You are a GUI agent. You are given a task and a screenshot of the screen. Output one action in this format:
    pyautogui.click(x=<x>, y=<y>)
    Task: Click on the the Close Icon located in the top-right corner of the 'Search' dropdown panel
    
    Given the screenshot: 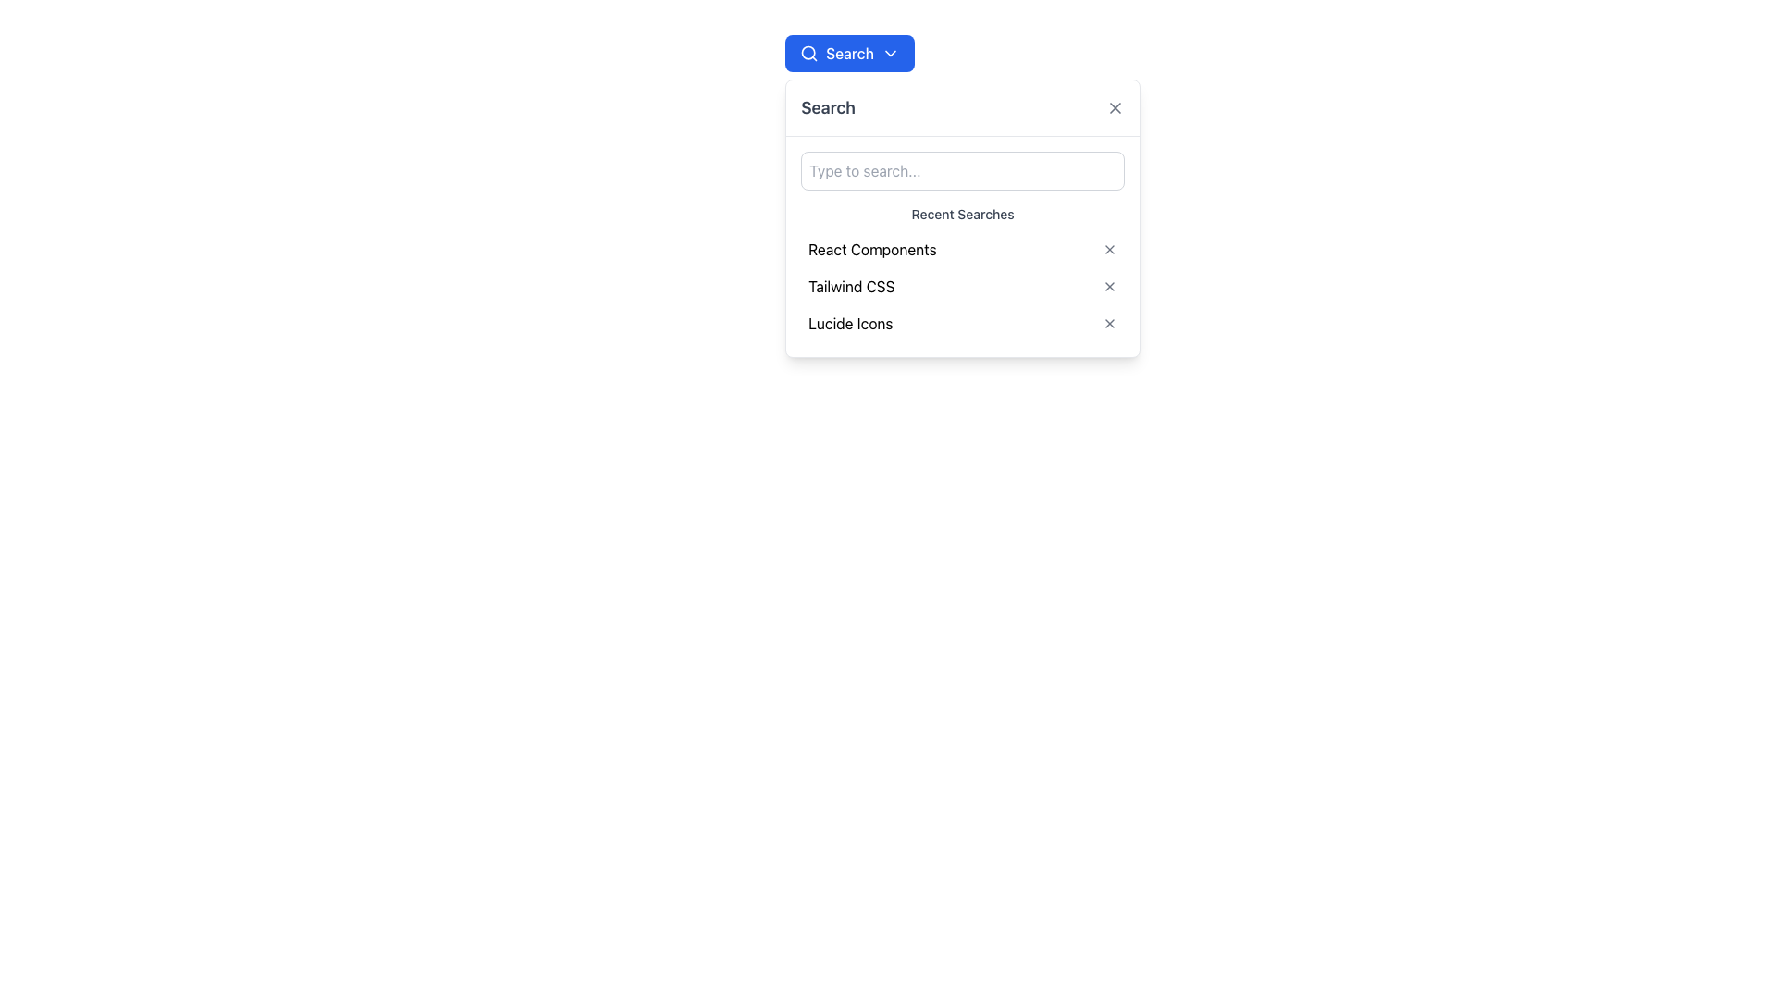 What is the action you would take?
    pyautogui.click(x=1115, y=107)
    